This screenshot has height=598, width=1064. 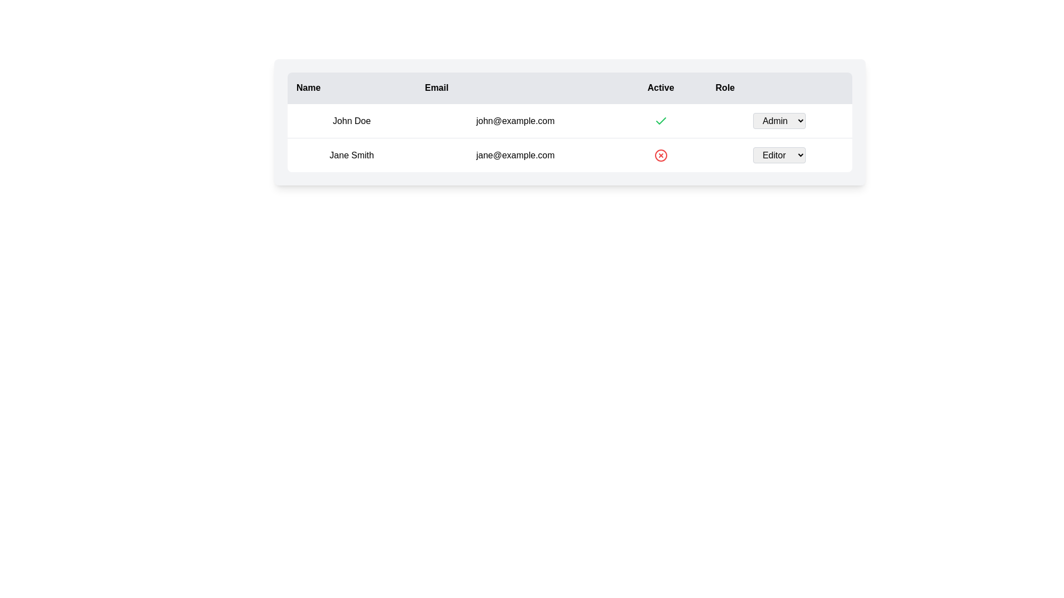 What do you see at coordinates (779, 121) in the screenshot?
I see `an option within the dropdown menu for user 'John Doe' located in the 'Role' column of the first row of the table` at bounding box center [779, 121].